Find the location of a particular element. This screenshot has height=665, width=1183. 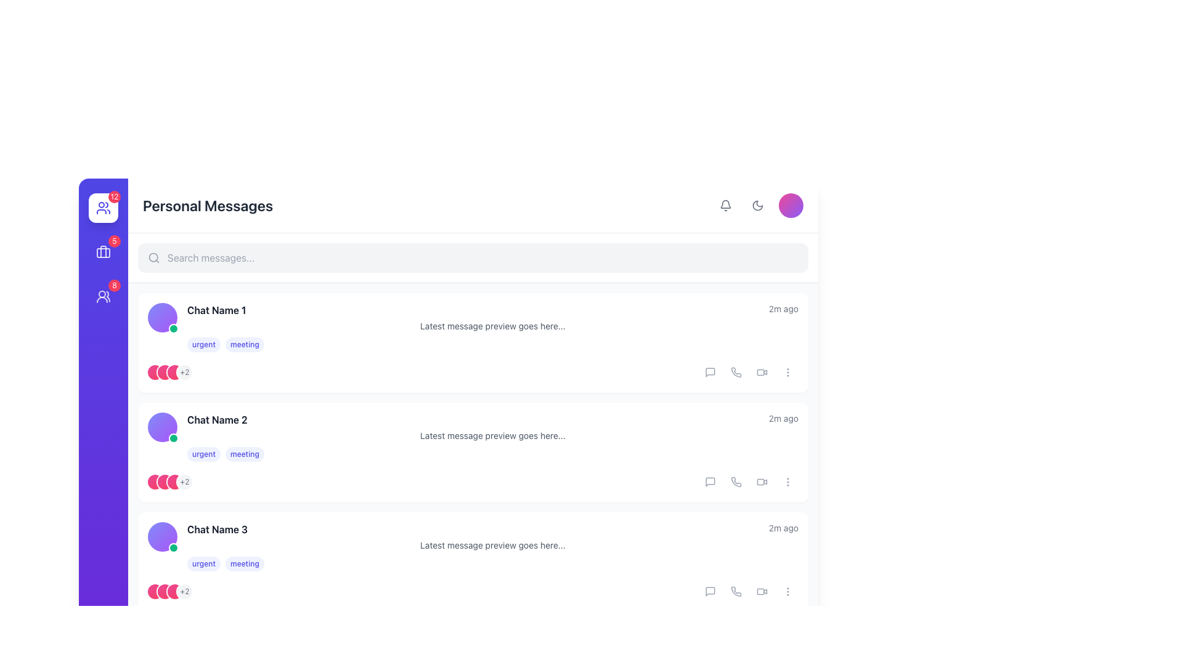

the vertically aligned three-dot icon button located at the end of the row of interactive icons next to the phone icon is located at coordinates (787, 482).